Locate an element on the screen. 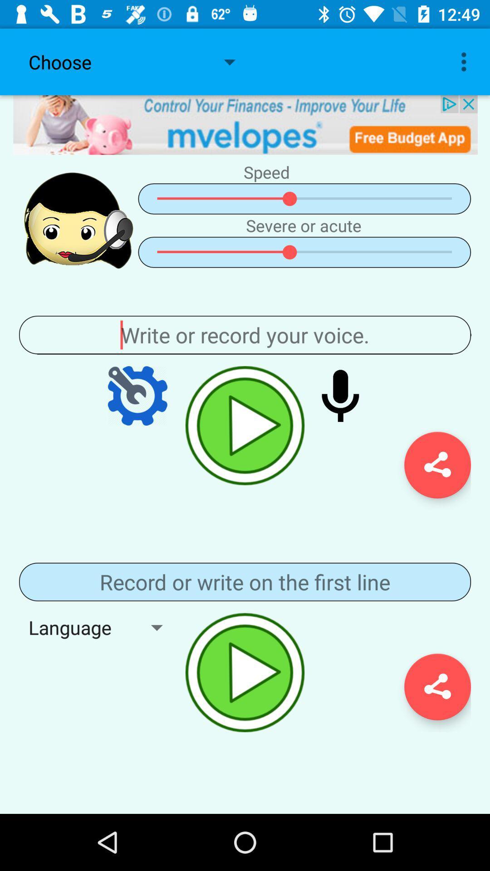 The width and height of the screenshot is (490, 871). audio recording is located at coordinates (245, 672).